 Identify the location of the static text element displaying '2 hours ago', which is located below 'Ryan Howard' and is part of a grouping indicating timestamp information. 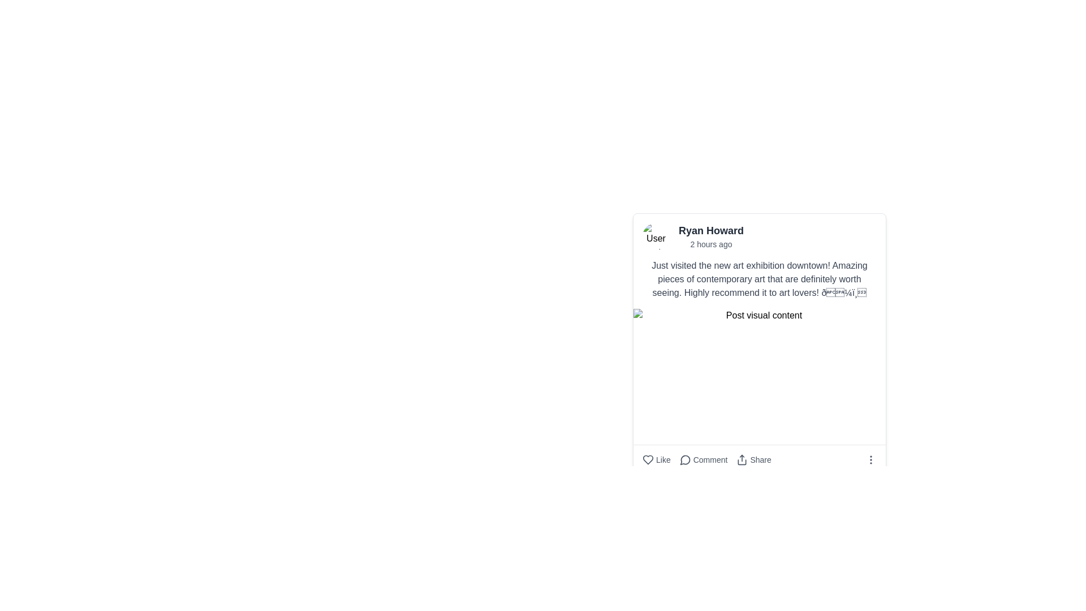
(710, 244).